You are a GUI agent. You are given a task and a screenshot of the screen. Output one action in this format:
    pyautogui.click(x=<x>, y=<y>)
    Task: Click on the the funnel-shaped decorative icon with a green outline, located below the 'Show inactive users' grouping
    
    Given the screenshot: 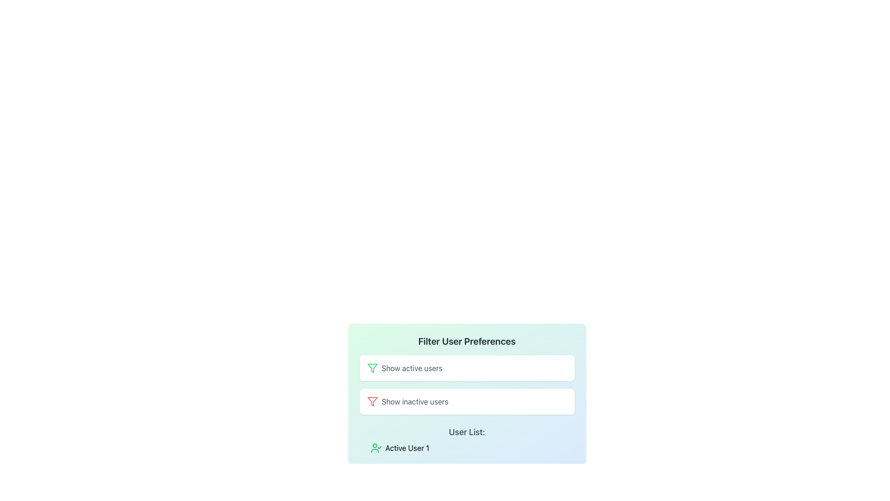 What is the action you would take?
    pyautogui.click(x=372, y=368)
    